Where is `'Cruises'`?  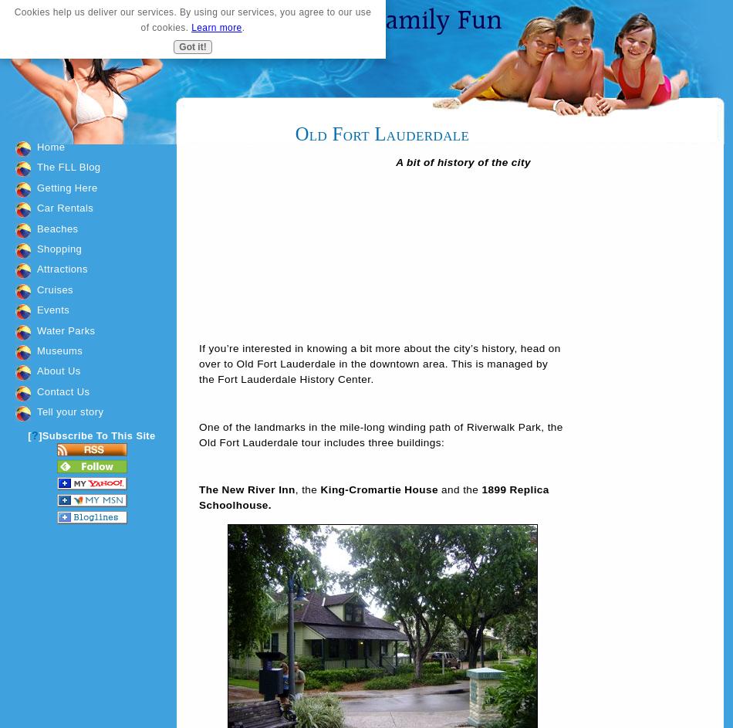
'Cruises' is located at coordinates (54, 288).